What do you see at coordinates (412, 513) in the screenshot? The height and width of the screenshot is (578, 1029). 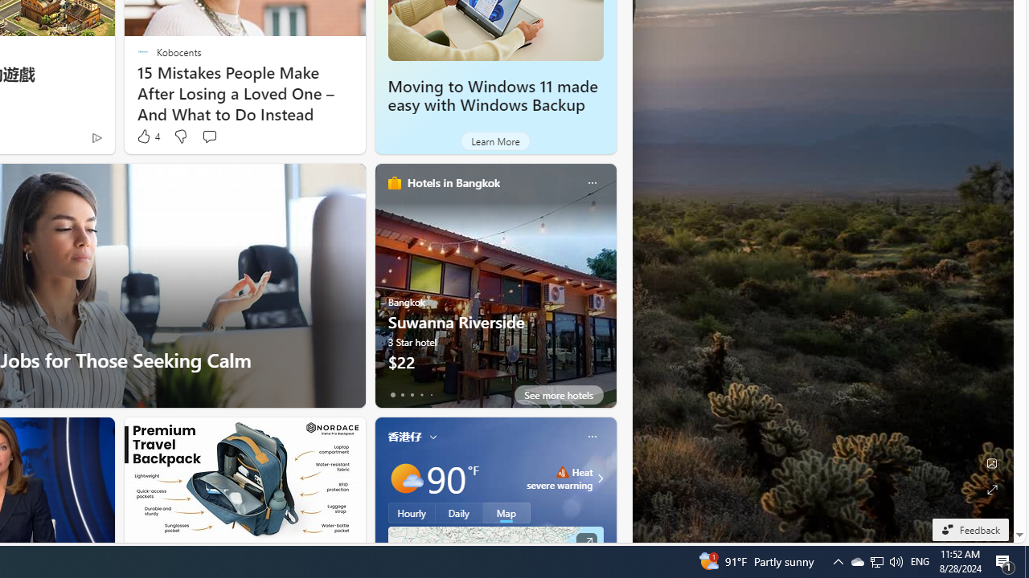 I see `'Hourly'` at bounding box center [412, 513].